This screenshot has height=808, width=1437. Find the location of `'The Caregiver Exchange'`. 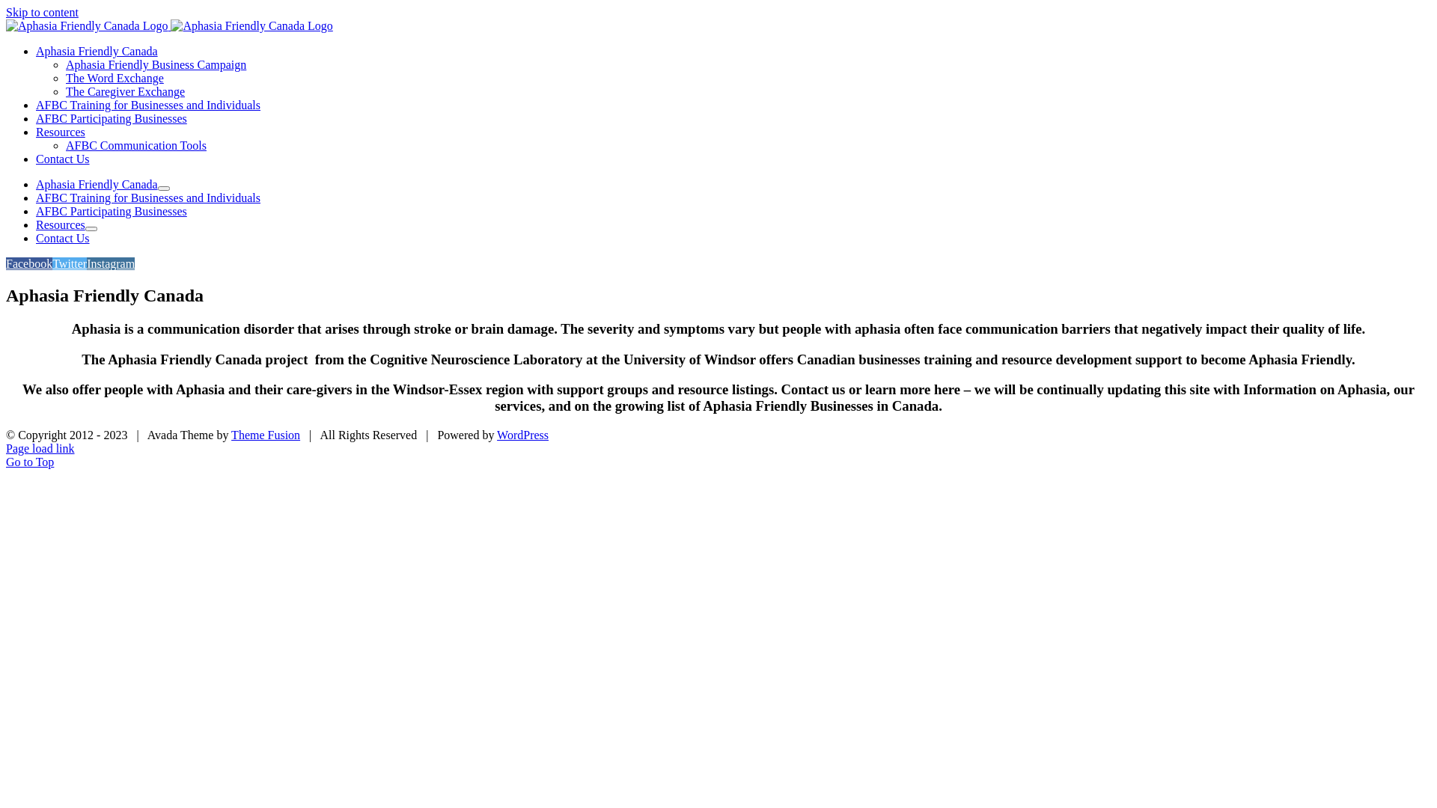

'The Caregiver Exchange' is located at coordinates (125, 91).